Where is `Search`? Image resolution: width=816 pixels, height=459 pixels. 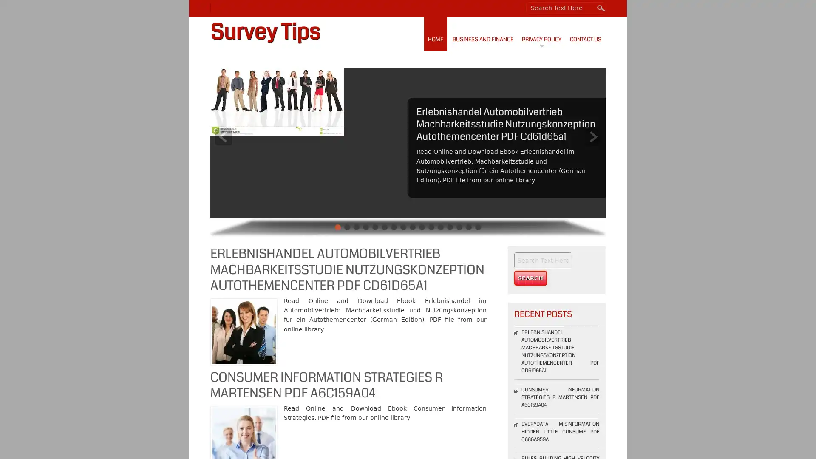 Search is located at coordinates (530, 278).